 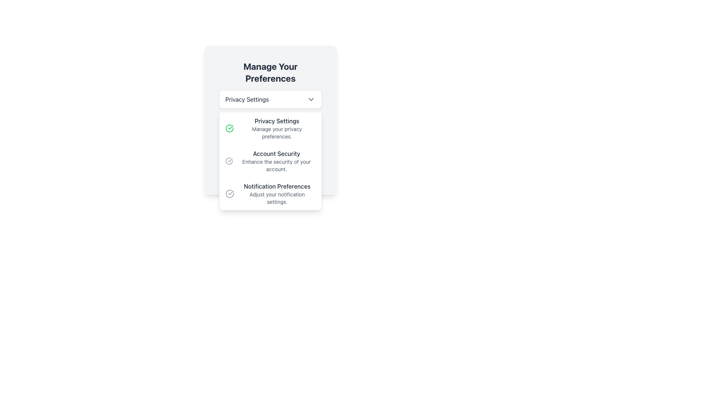 I want to click on the check mark icon representing the selected state for 'Privacy Settings', indicating it is the active choice, so click(x=231, y=192).